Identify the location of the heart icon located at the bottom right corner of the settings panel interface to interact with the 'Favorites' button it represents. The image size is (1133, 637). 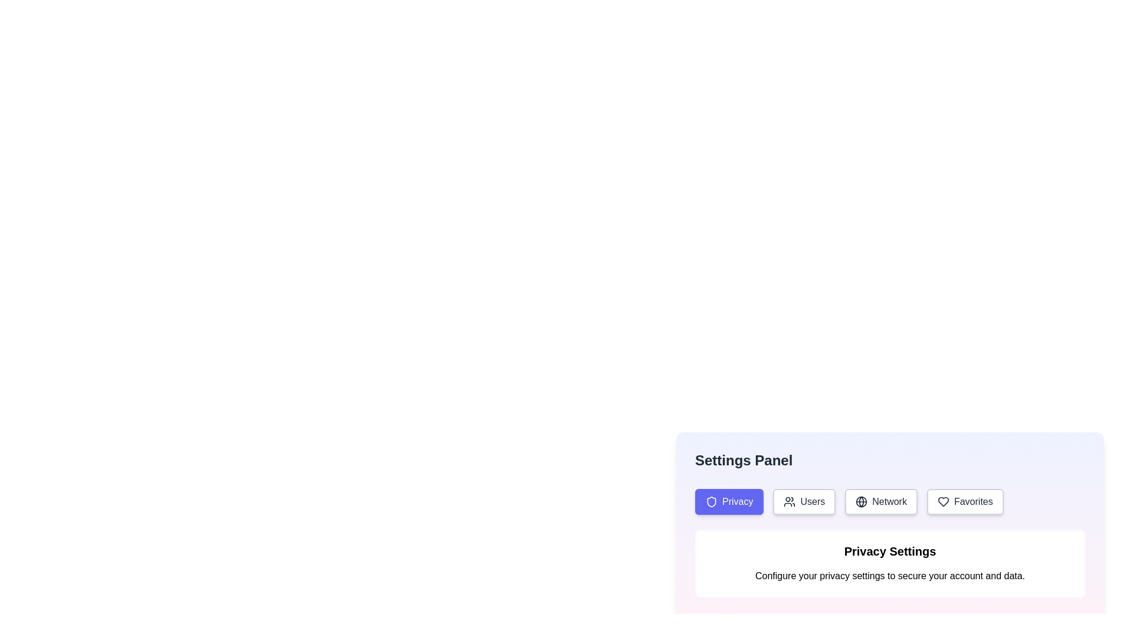
(942, 502).